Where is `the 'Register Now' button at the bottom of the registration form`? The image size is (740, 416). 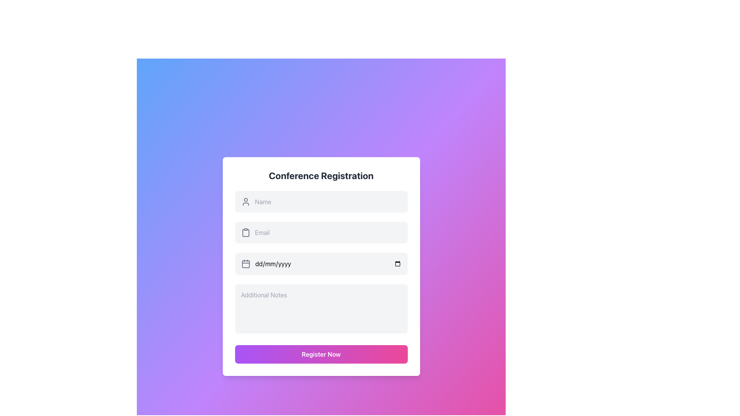 the 'Register Now' button at the bottom of the registration form is located at coordinates (321, 354).